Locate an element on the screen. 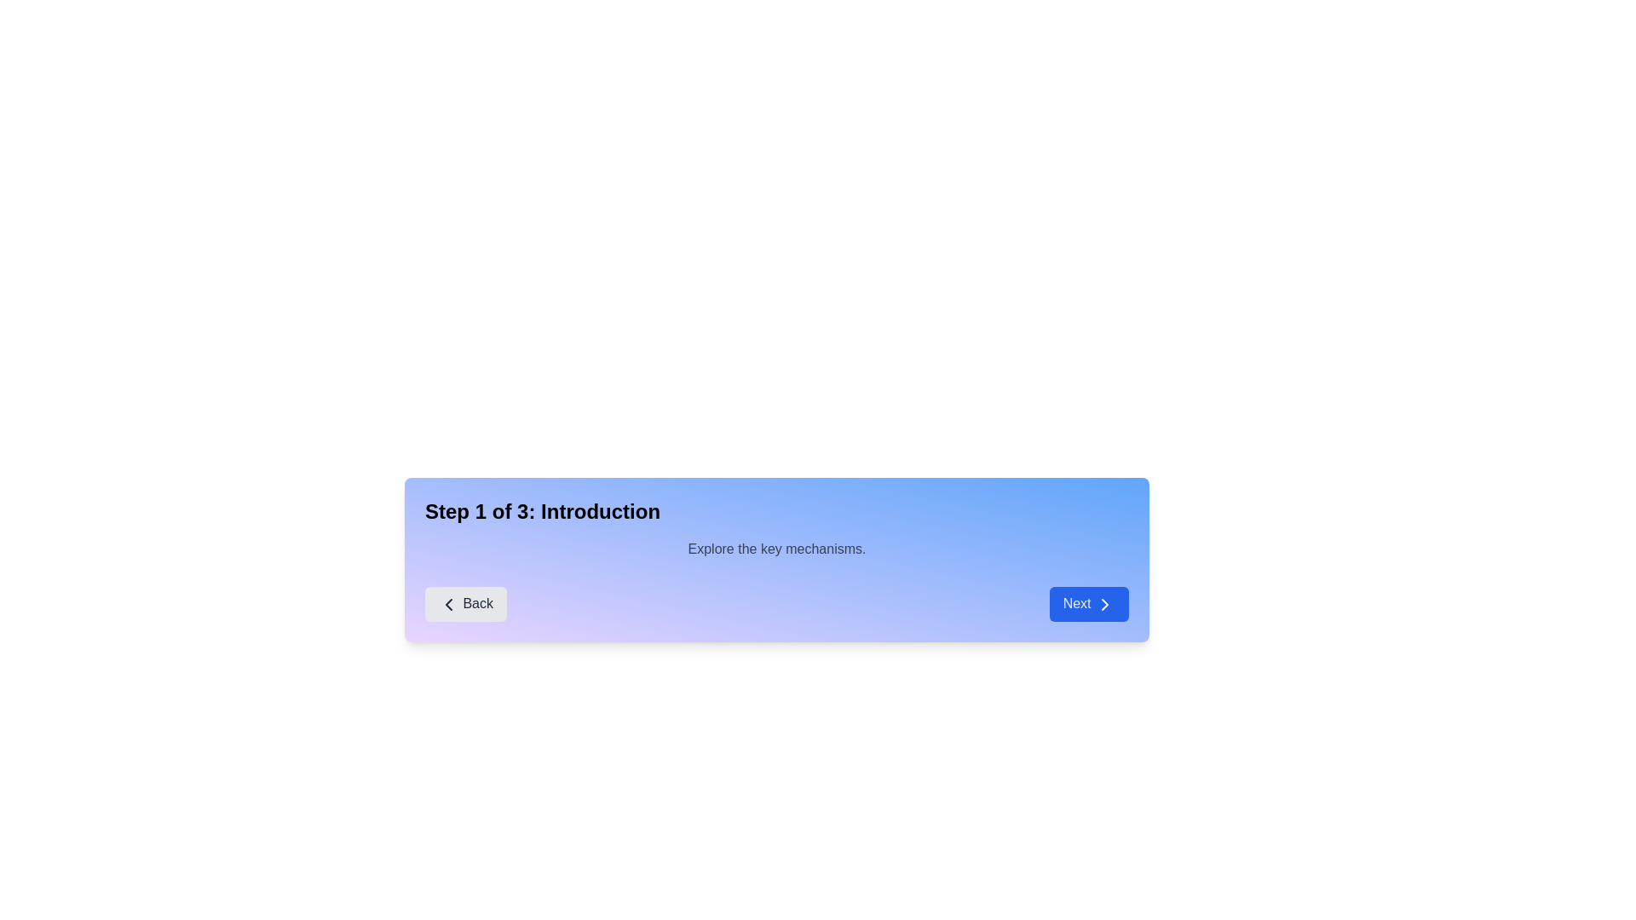 This screenshot has width=1636, height=920. the detailed description text area and highlight the text is located at coordinates (776, 549).